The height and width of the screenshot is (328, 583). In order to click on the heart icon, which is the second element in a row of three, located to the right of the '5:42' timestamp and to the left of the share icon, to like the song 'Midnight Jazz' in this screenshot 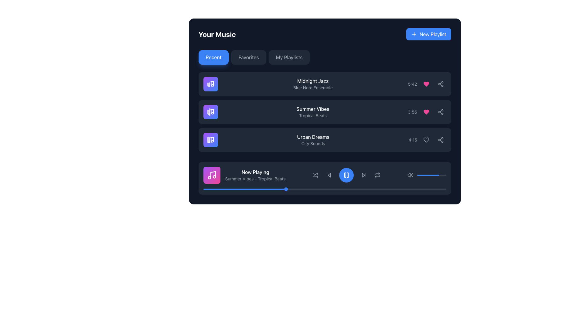, I will do `click(427, 84)`.